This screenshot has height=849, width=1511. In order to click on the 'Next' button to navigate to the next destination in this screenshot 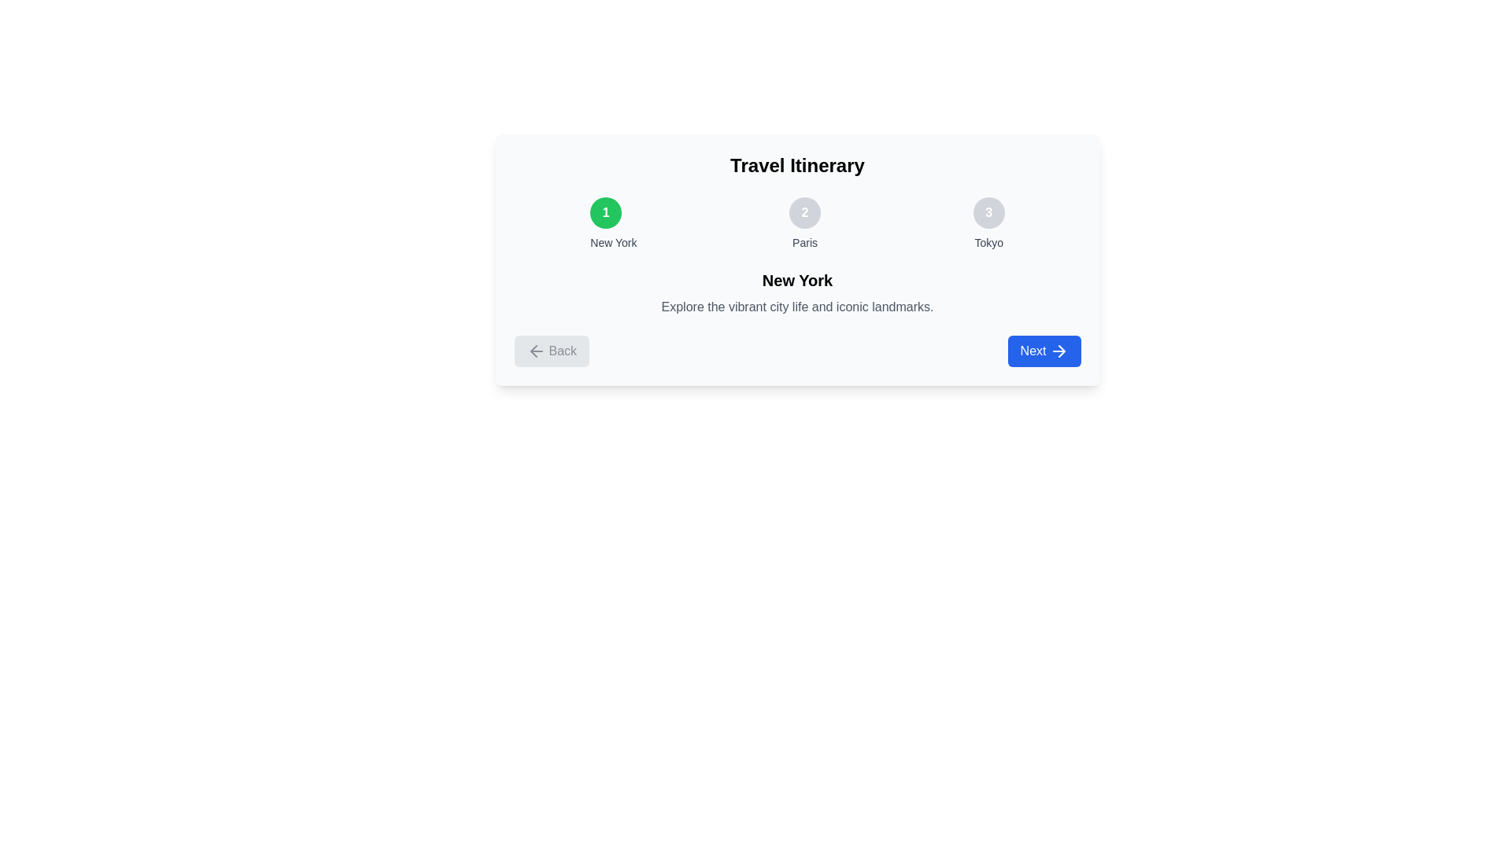, I will do `click(1044, 351)`.